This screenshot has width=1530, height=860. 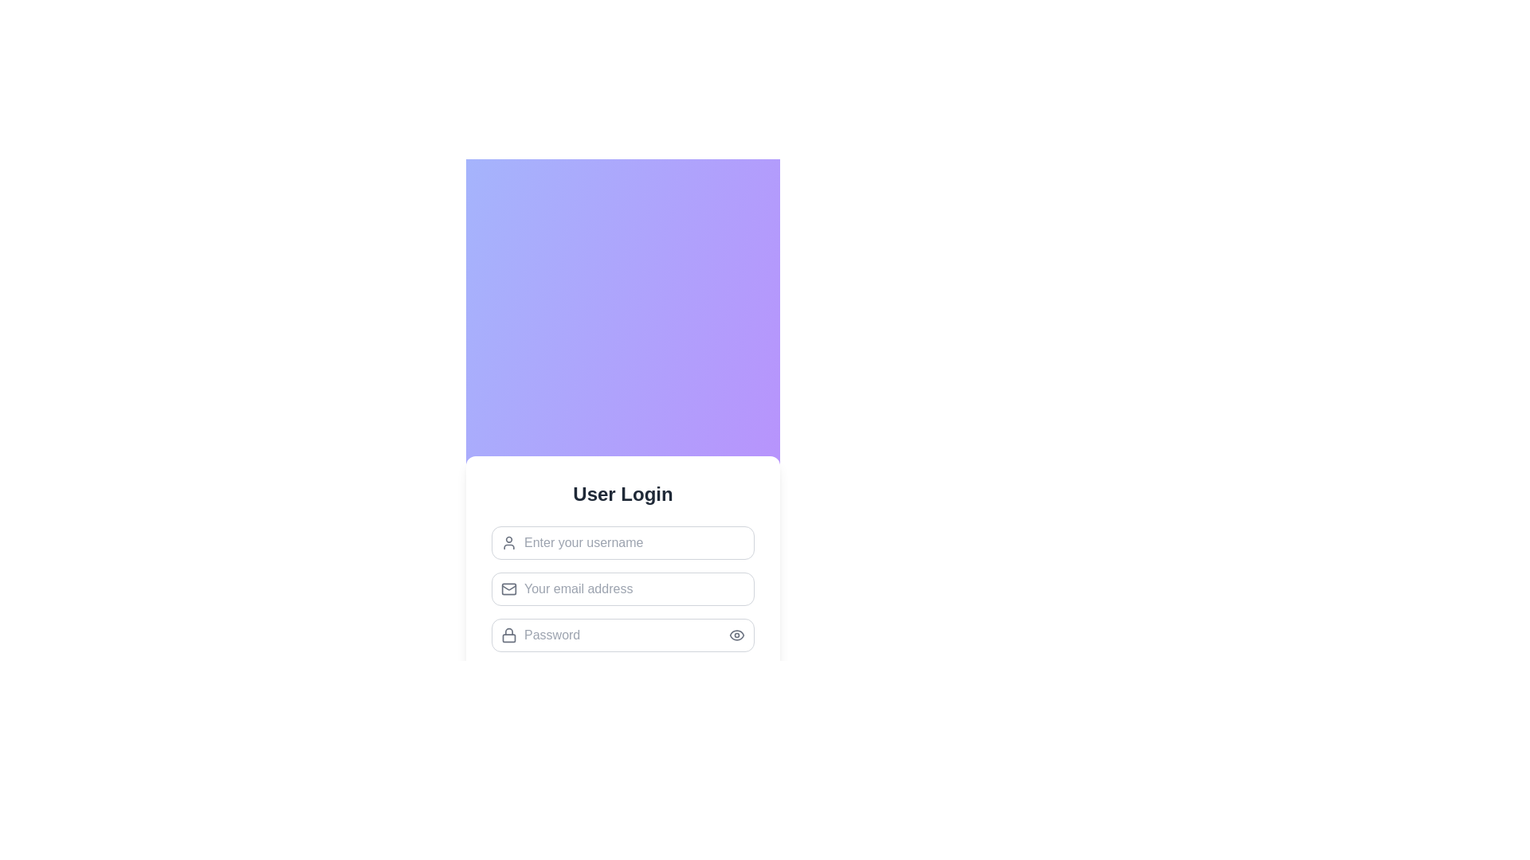 I want to click on the envelope icon that indicates the email input field, which is located to the left of the 'Your email address' text box, so click(x=508, y=587).